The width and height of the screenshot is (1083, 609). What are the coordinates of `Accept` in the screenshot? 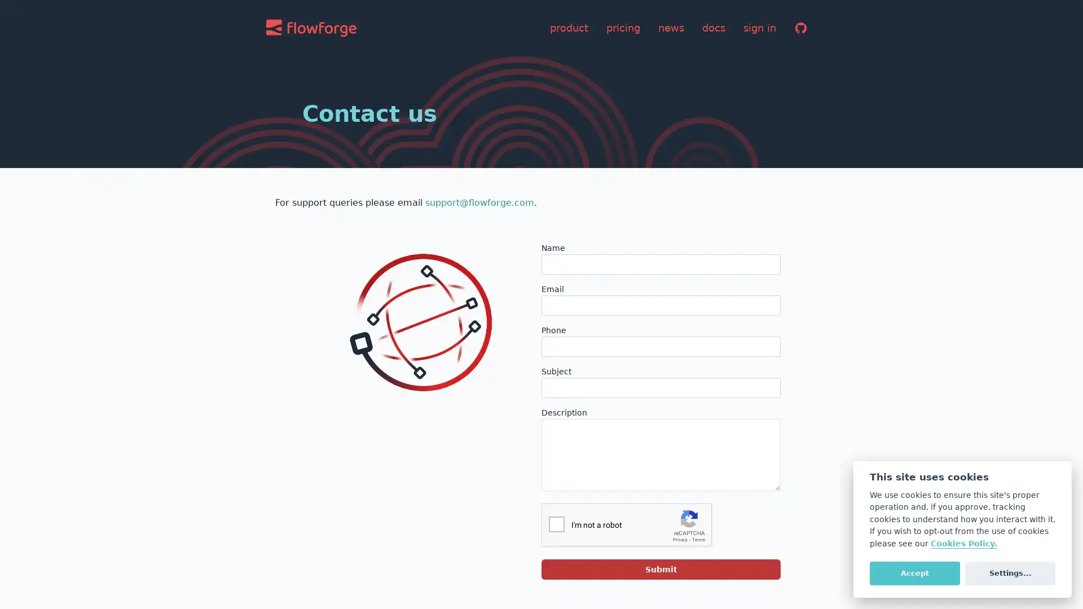 It's located at (914, 572).